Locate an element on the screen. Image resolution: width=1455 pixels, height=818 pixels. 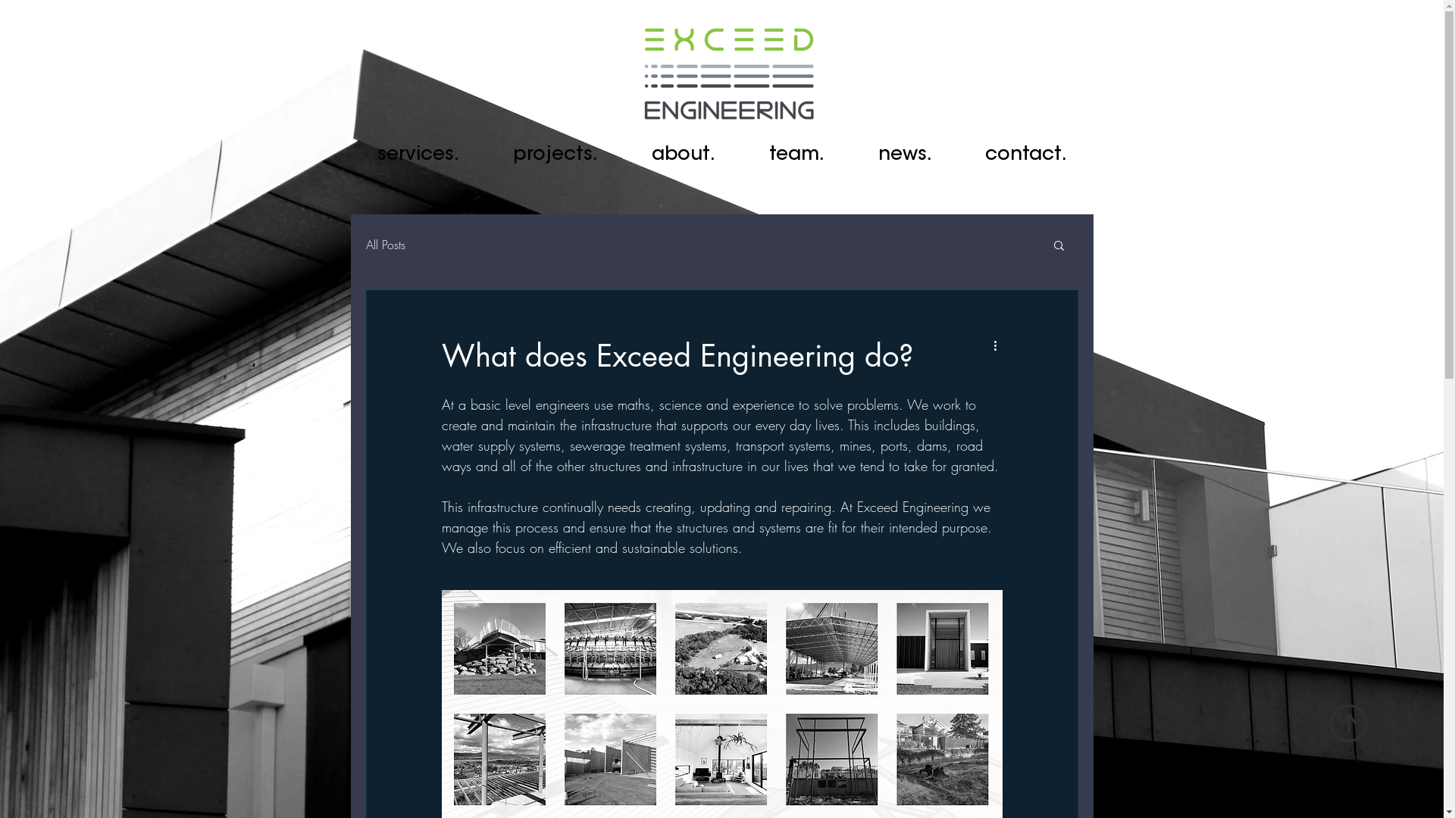
'contact.' is located at coordinates (1025, 155).